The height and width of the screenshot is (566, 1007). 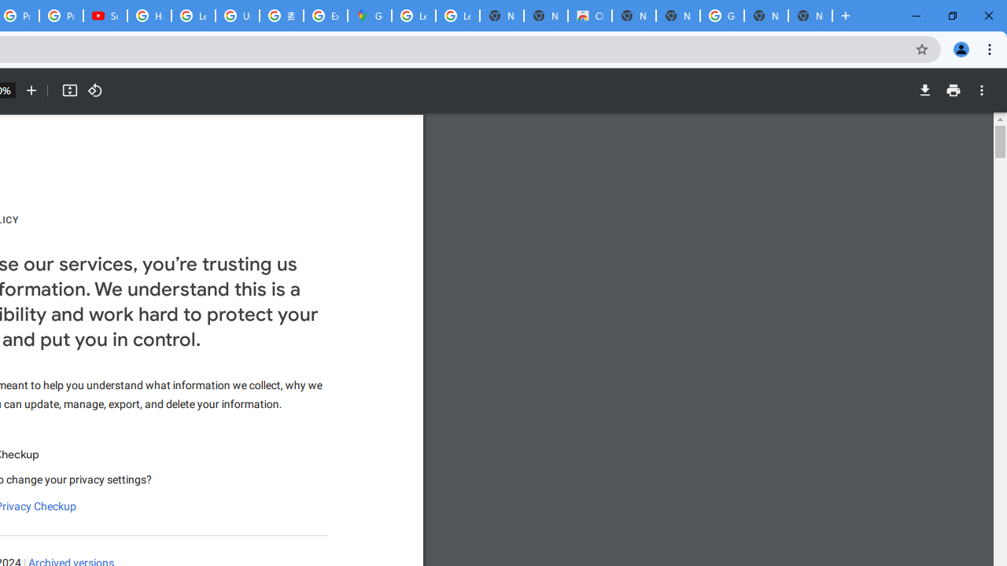 What do you see at coordinates (981, 90) in the screenshot?
I see `'More actions'` at bounding box center [981, 90].